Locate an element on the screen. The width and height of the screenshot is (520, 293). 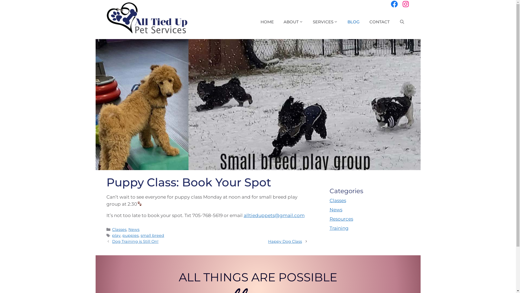
'Dog Training is Still On!' is located at coordinates (135, 241).